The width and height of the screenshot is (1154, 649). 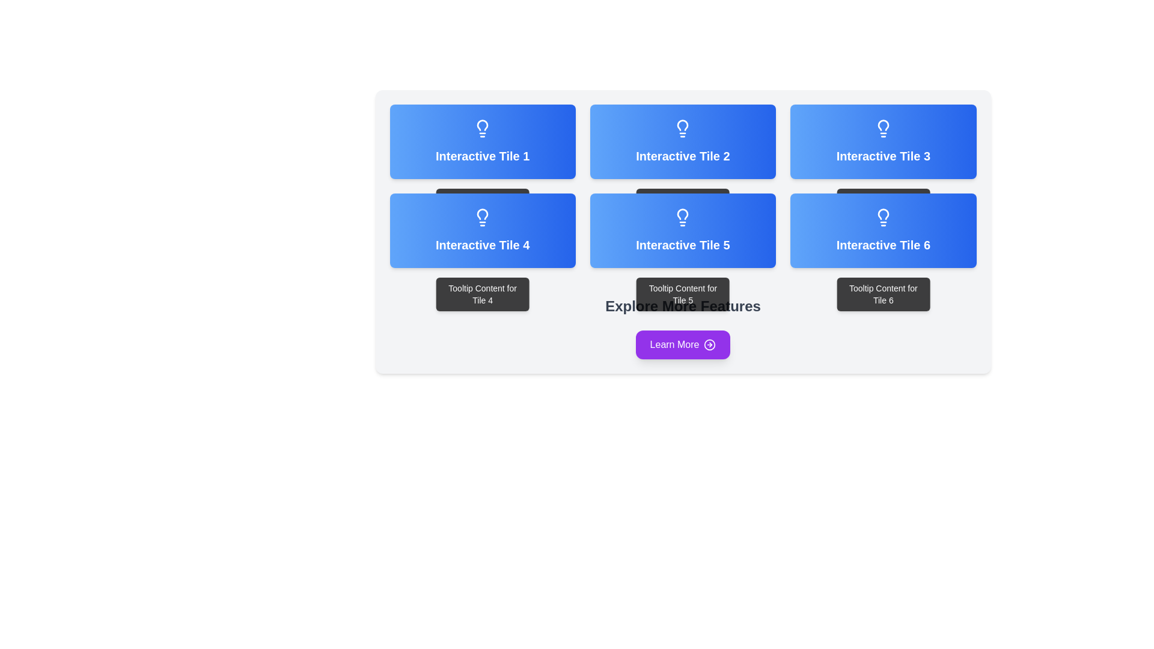 I want to click on the interactive tile labeled 'Interactive Tile 2', which features a gradient blue background and a light bulb icon at the top, so click(x=683, y=141).